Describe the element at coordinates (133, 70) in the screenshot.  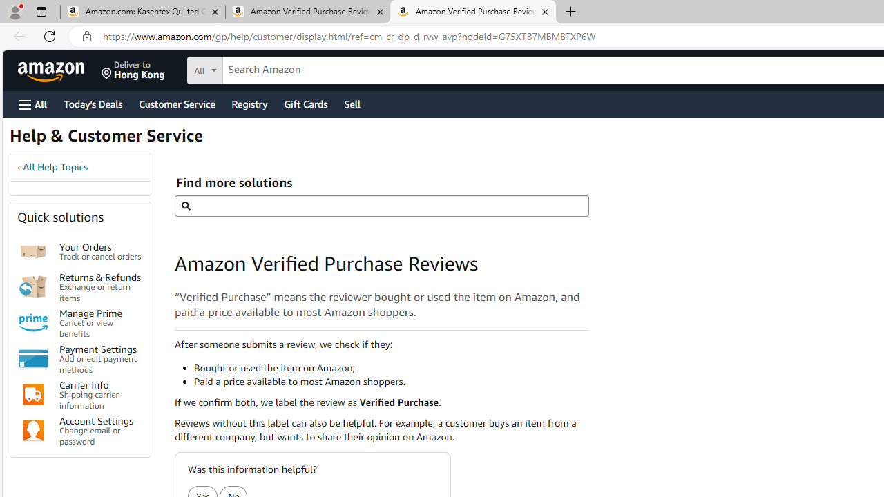
I see `'Deliver to Hong Kong'` at that location.